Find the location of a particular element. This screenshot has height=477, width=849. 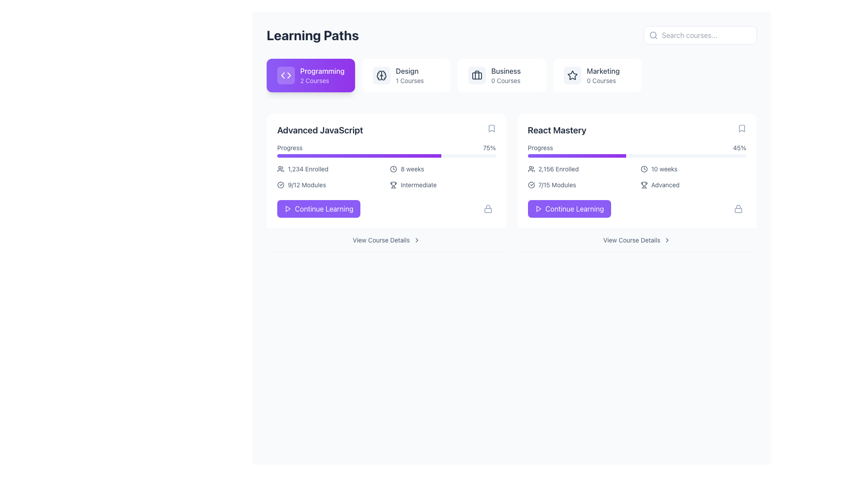

the 'Marketing' text label that displays '0 Courses' below it in the top-right section of the 'Learning Paths' interface is located at coordinates (603, 75).